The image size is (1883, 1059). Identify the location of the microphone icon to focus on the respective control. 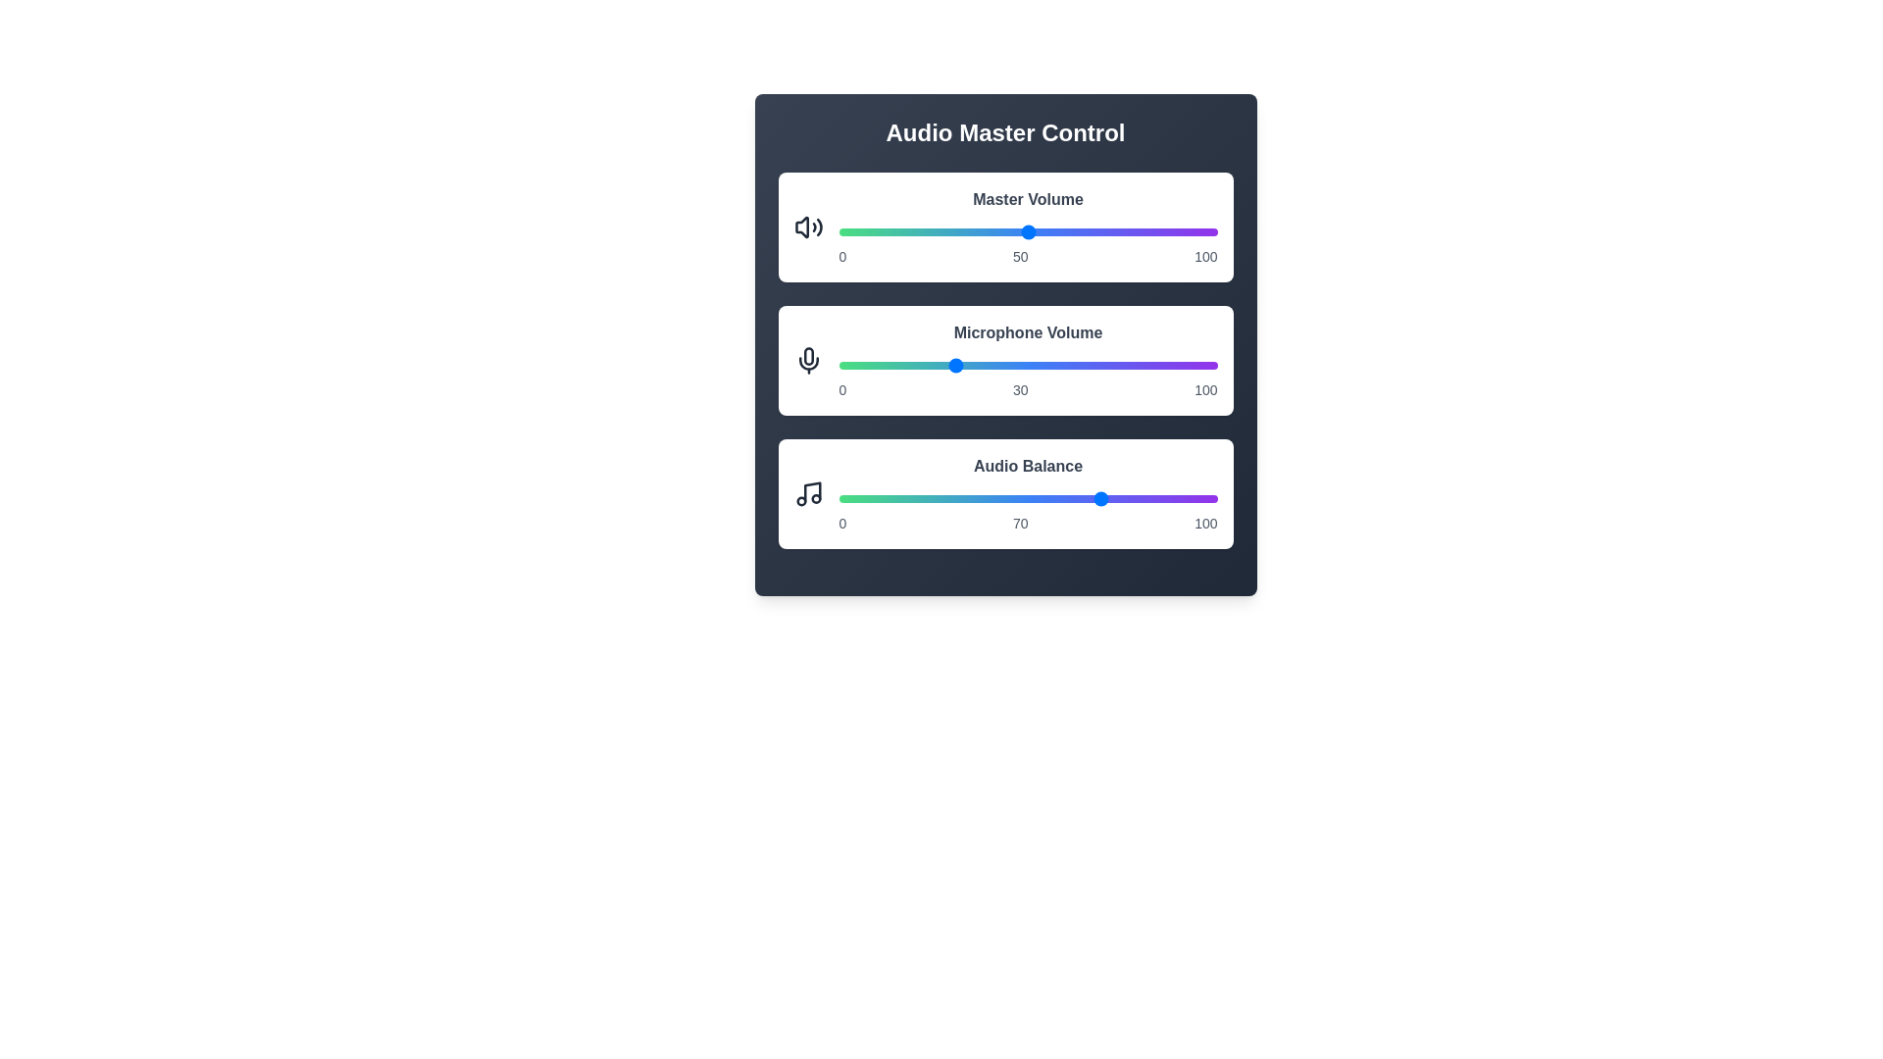
(808, 360).